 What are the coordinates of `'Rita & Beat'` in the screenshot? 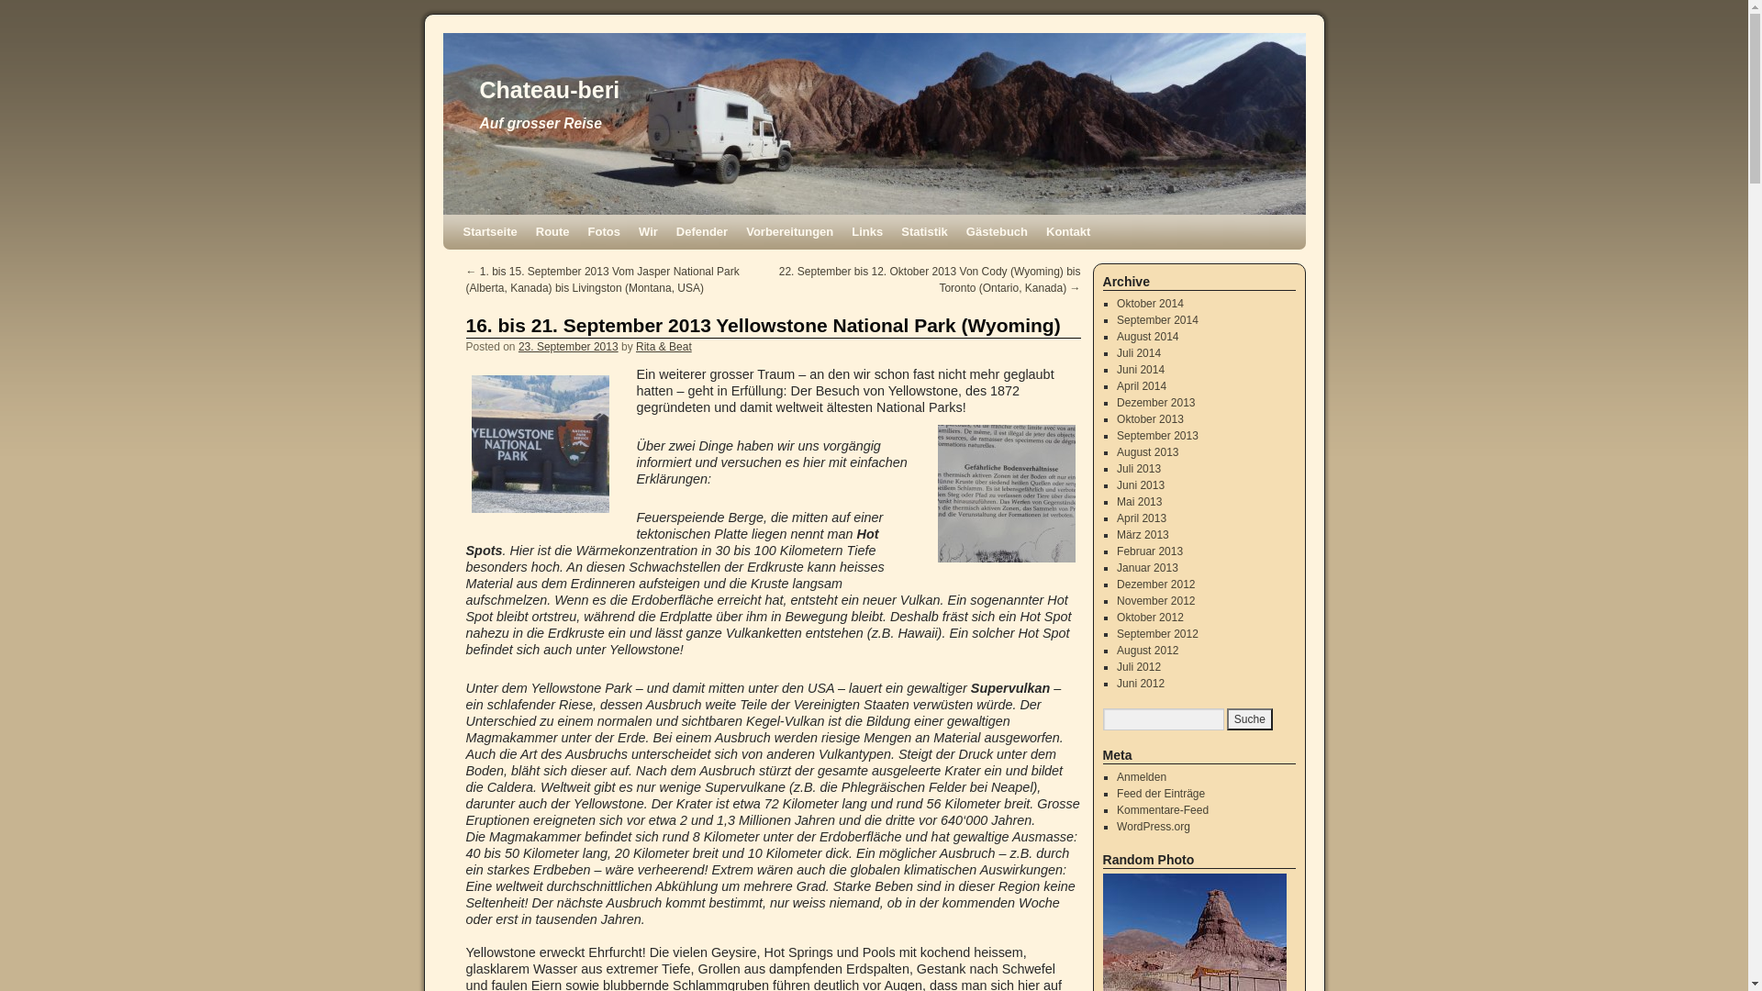 It's located at (663, 347).